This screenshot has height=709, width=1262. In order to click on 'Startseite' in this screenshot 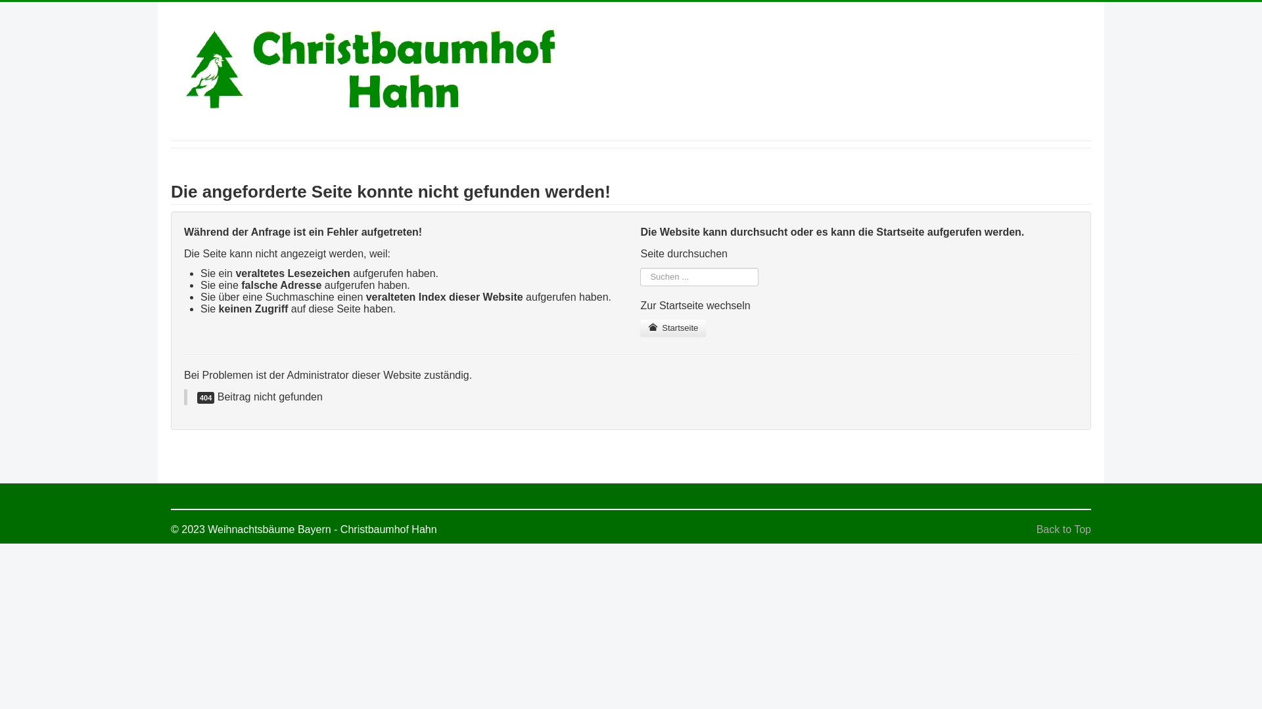, I will do `click(672, 328)`.